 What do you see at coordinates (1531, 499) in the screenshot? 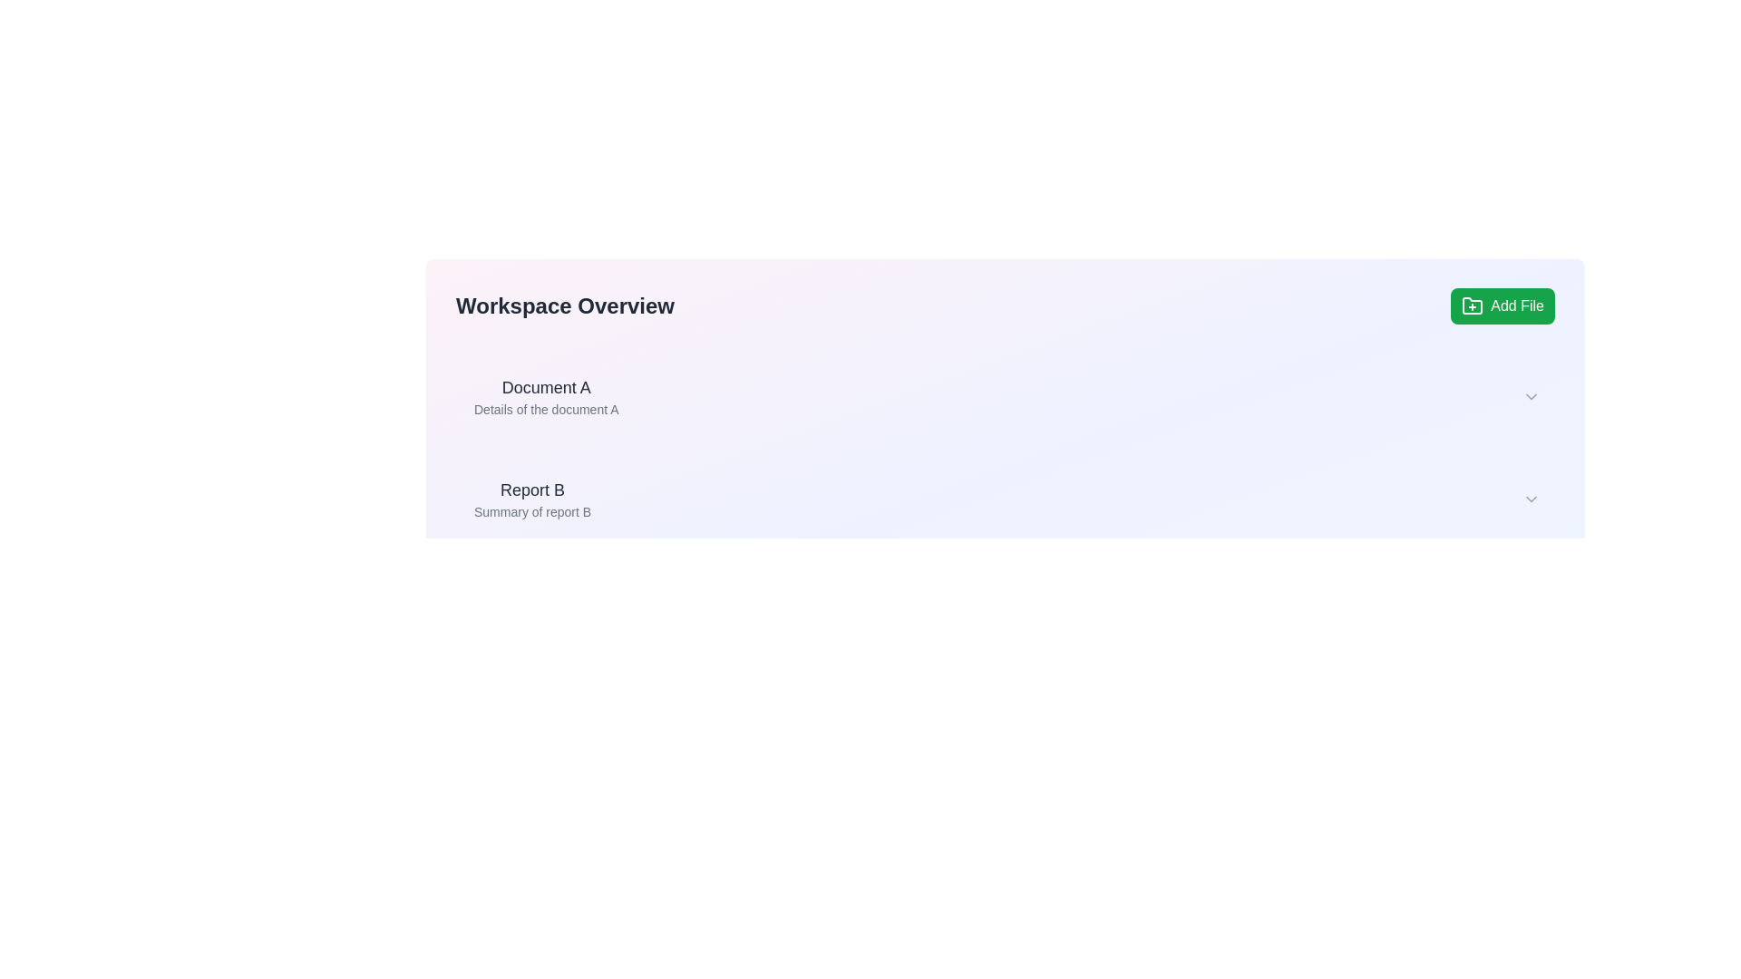
I see `the chevron-down icon located to the far right of the 'Report B Summary of report B' section` at bounding box center [1531, 499].